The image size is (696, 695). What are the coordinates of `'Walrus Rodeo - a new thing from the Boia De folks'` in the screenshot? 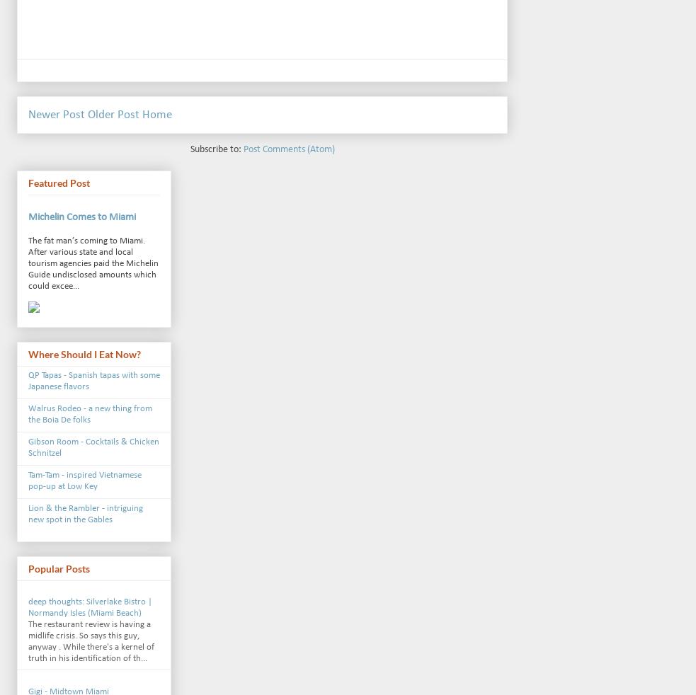 It's located at (89, 413).